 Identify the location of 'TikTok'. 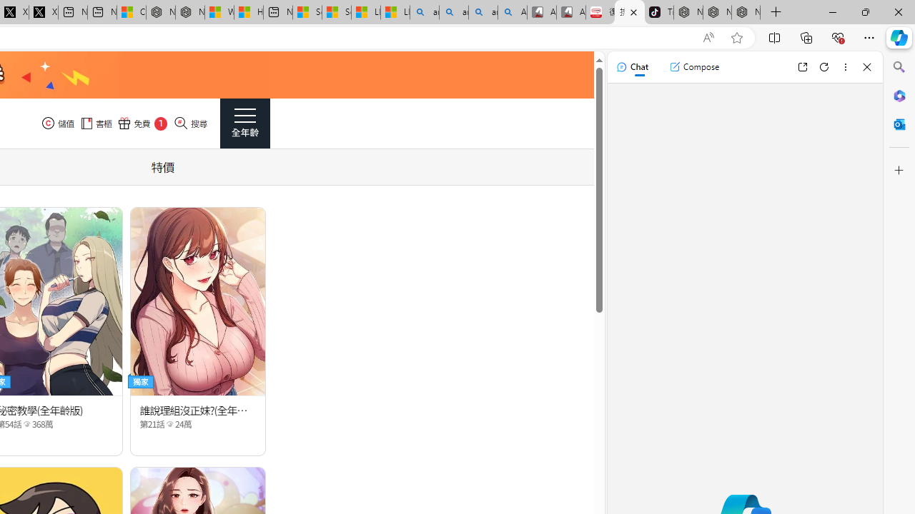
(658, 12).